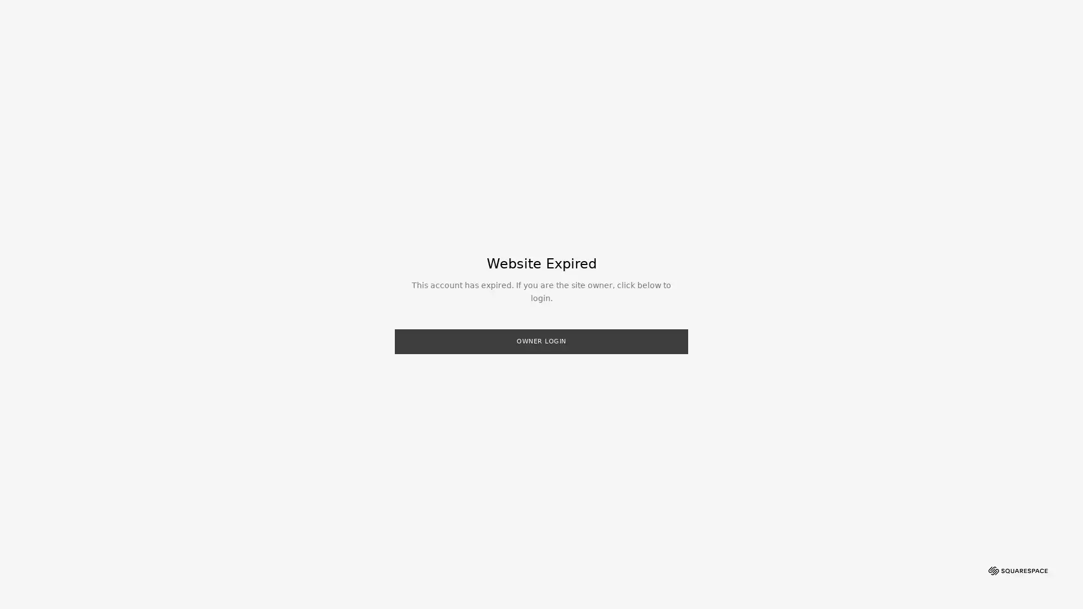 This screenshot has height=609, width=1083. I want to click on Owner Login, so click(541, 341).